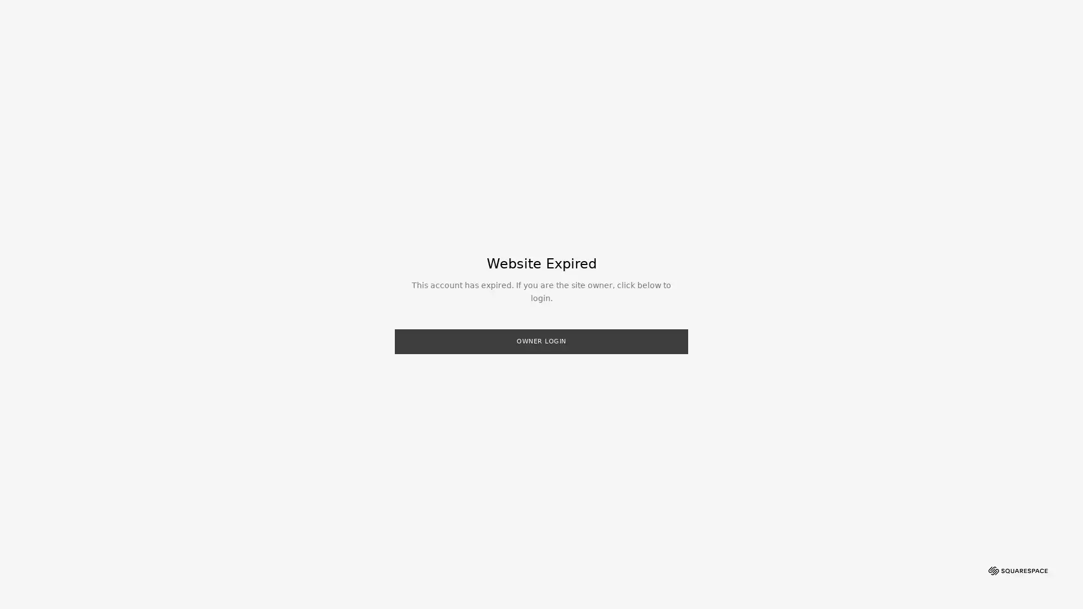 This screenshot has height=609, width=1083. I want to click on Owner Login, so click(541, 341).